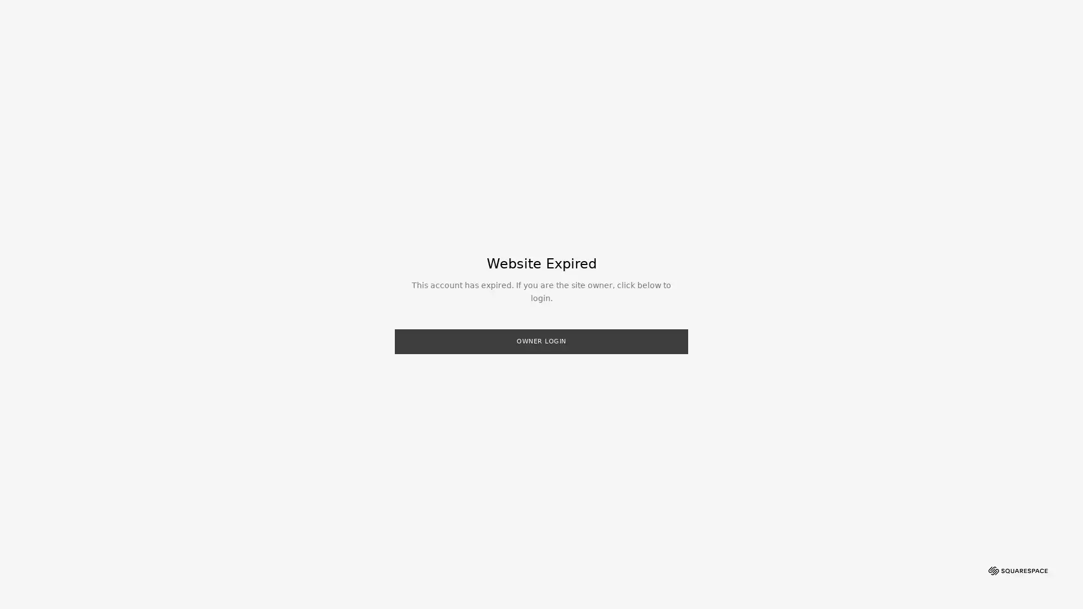 This screenshot has height=609, width=1083. I want to click on Owner Login, so click(541, 341).